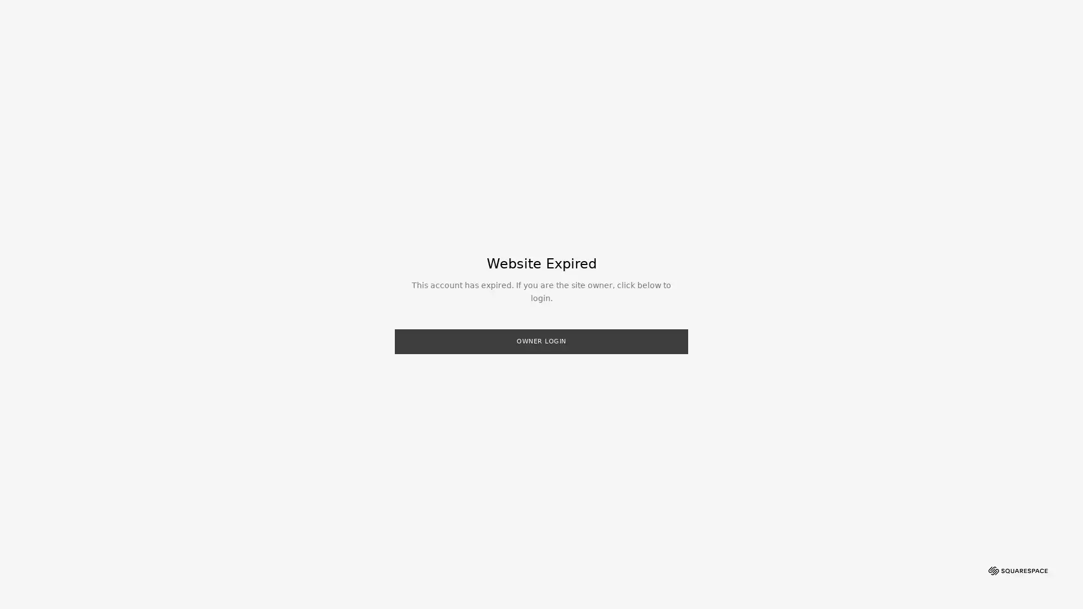 This screenshot has height=609, width=1083. I want to click on Owner Login, so click(541, 341).